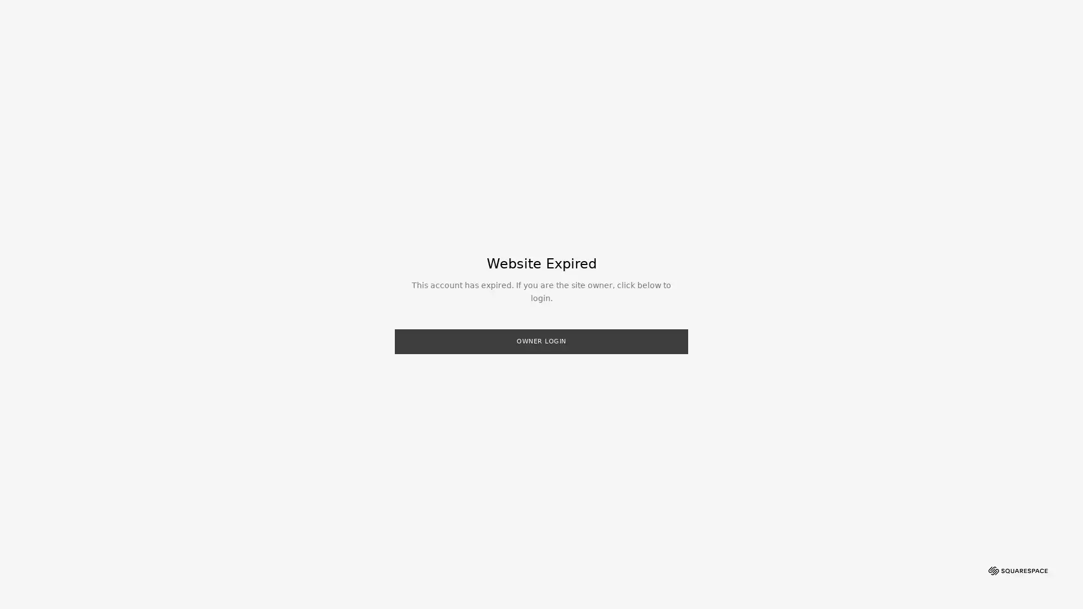 This screenshot has height=609, width=1083. I want to click on Owner Login, so click(541, 341).